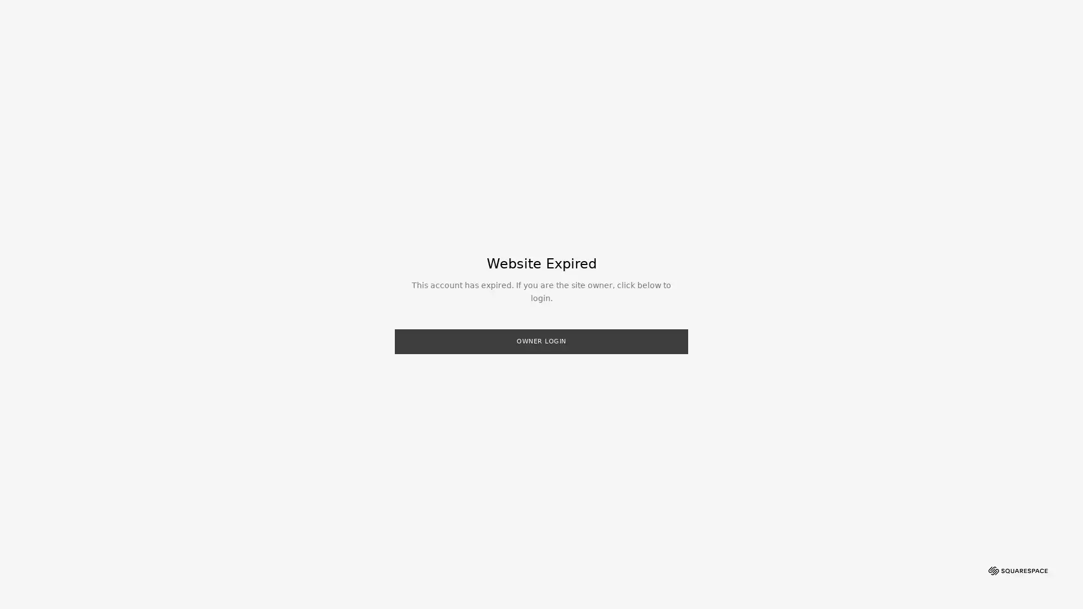 This screenshot has height=609, width=1083. I want to click on Owner Login, so click(541, 341).